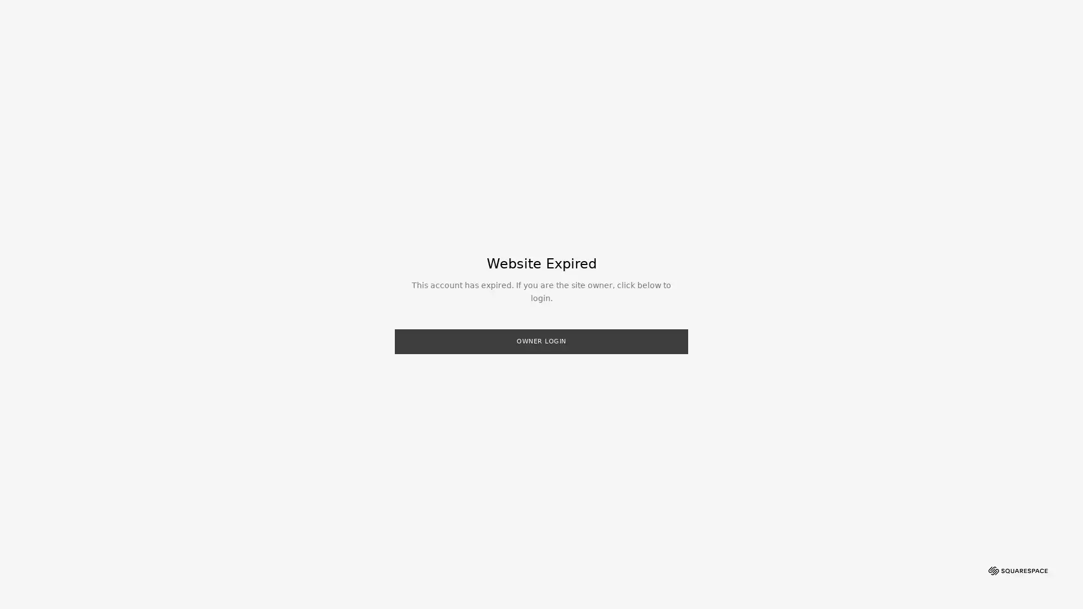 This screenshot has height=609, width=1083. I want to click on Owner Login, so click(541, 341).